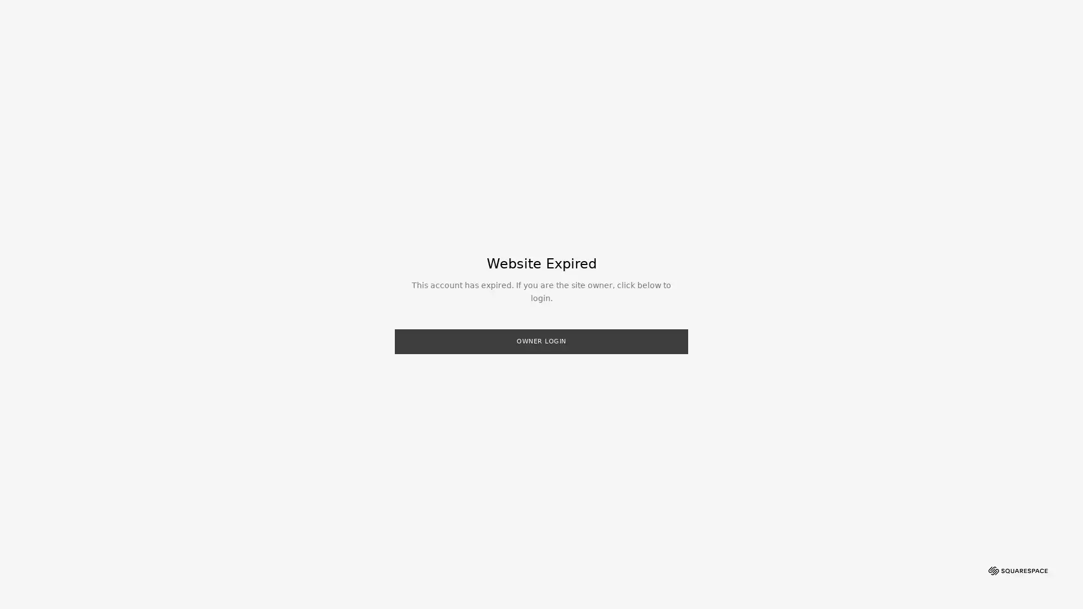 This screenshot has height=609, width=1083. I want to click on Owner Login, so click(541, 341).